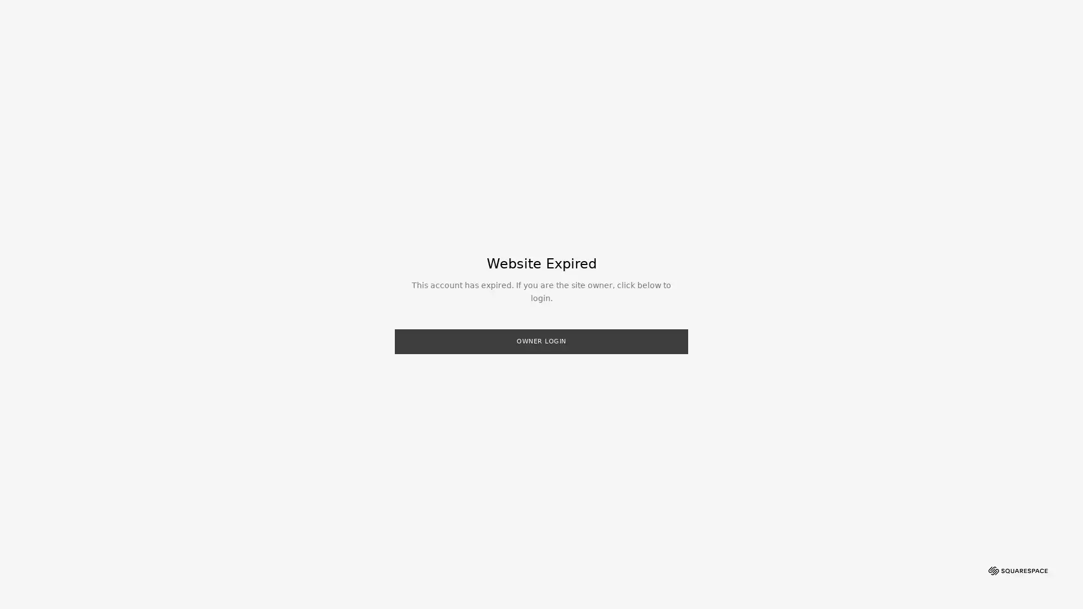 This screenshot has height=609, width=1083. I want to click on Owner Login, so click(541, 341).